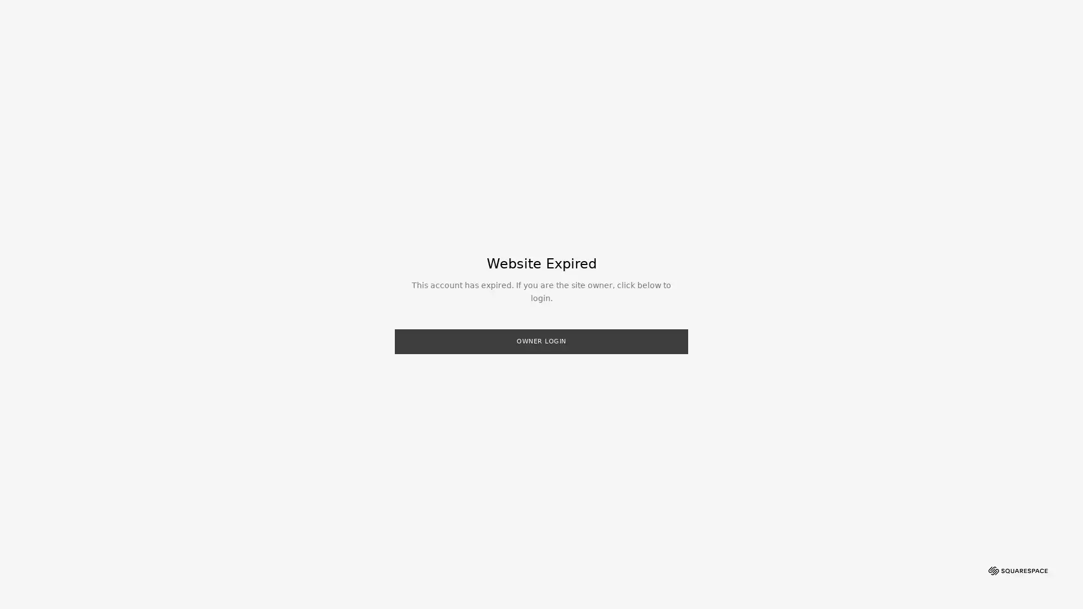 This screenshot has height=609, width=1083. I want to click on Owner Login, so click(541, 341).